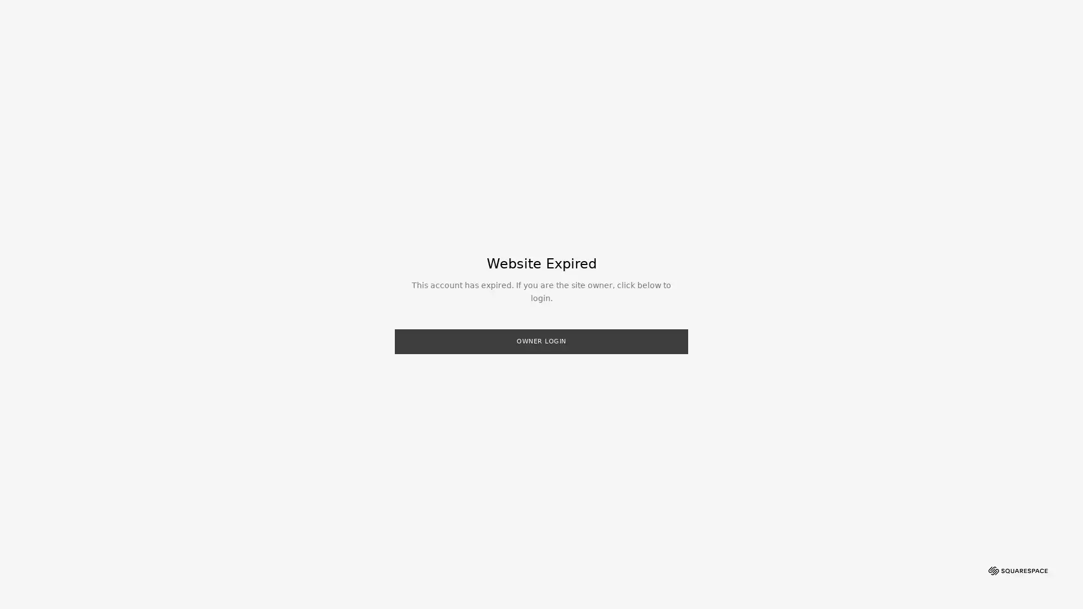 This screenshot has height=609, width=1083. I want to click on Owner Login, so click(541, 341).